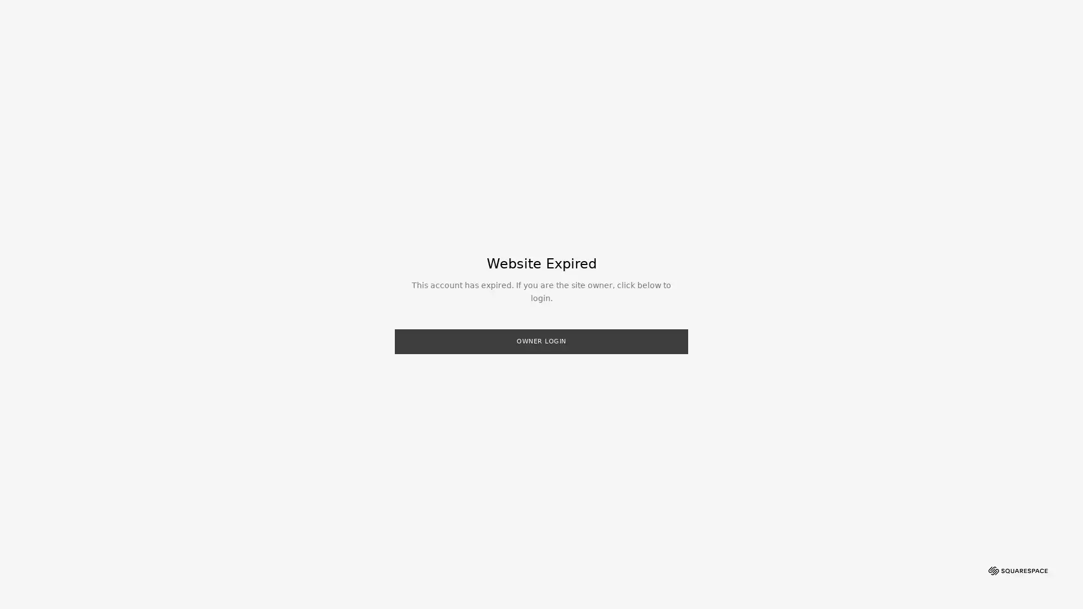 This screenshot has height=609, width=1083. I want to click on Owner Login, so click(541, 341).